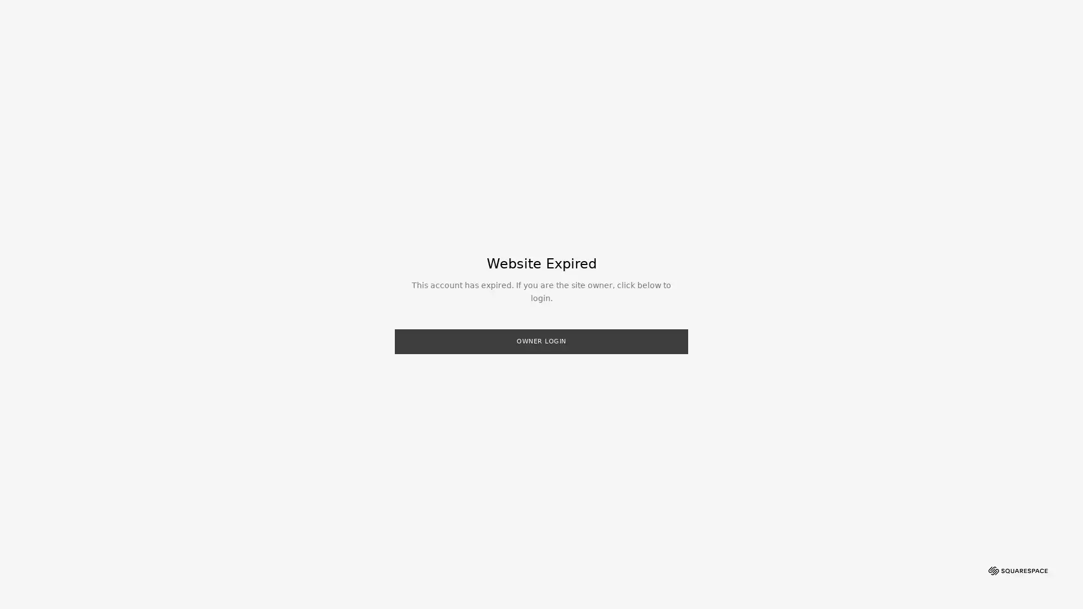 This screenshot has height=609, width=1083. I want to click on Owner Login, so click(541, 341).